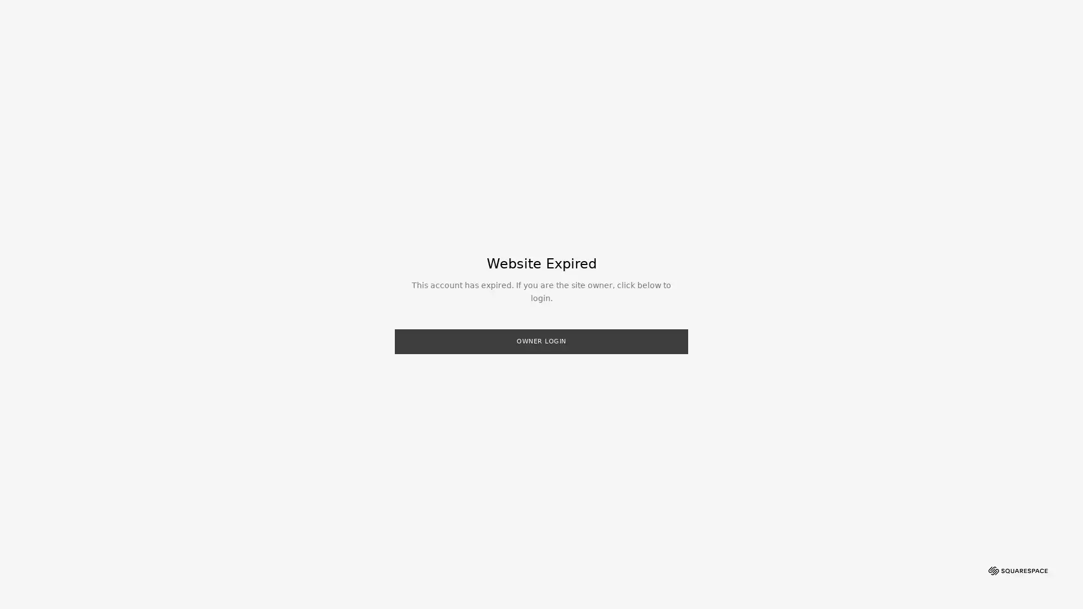 This screenshot has height=609, width=1083. I want to click on Owner Login, so click(541, 341).